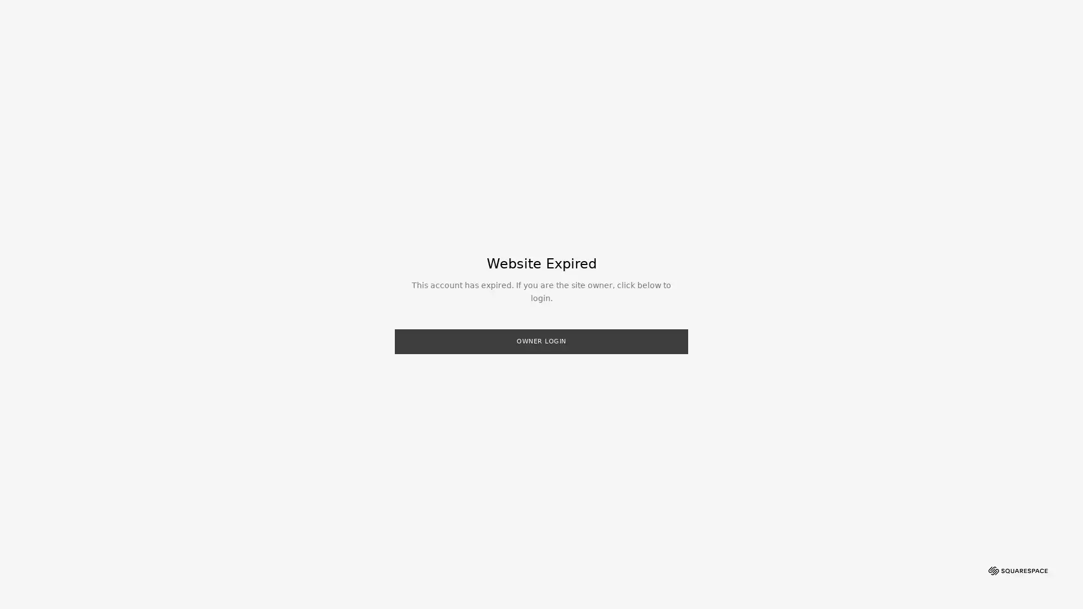 This screenshot has height=609, width=1083. I want to click on Owner Login, so click(541, 341).